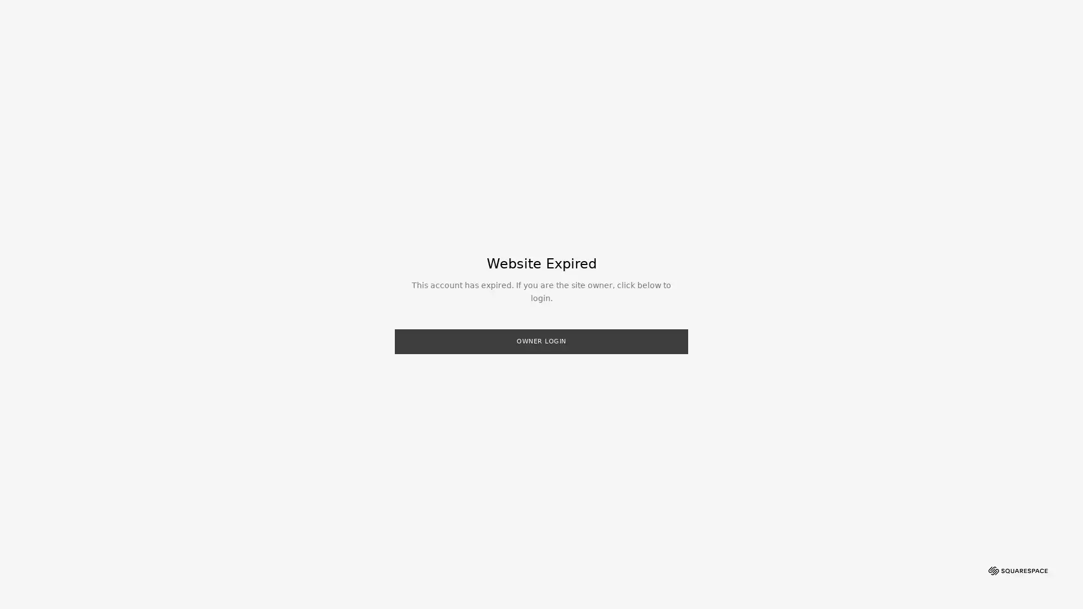 This screenshot has height=609, width=1083. I want to click on Owner Login, so click(541, 341).